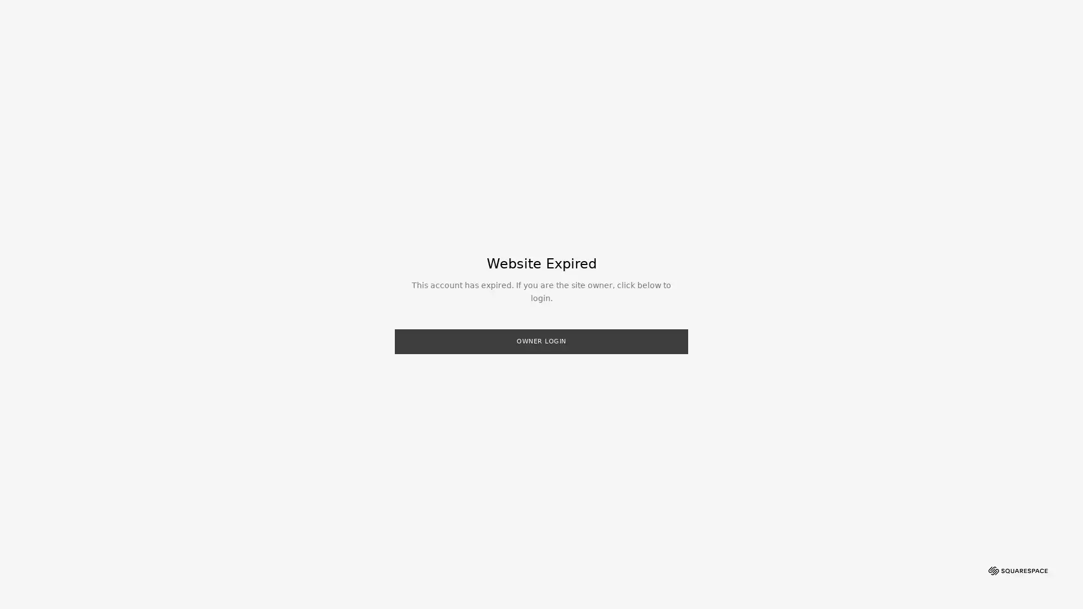 This screenshot has height=609, width=1083. I want to click on Owner Login, so click(541, 341).